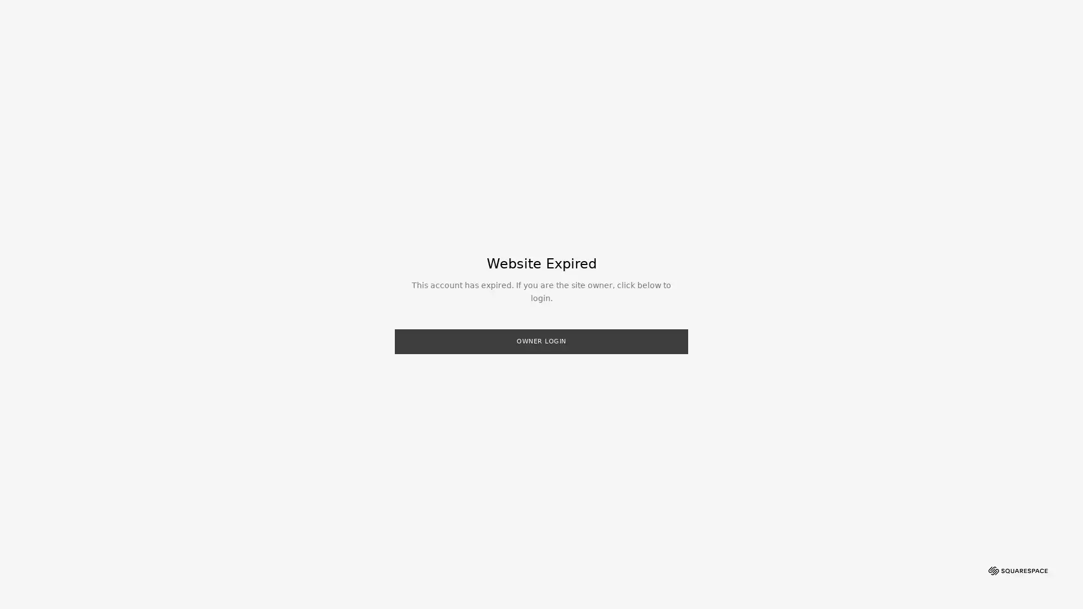 This screenshot has height=609, width=1083. I want to click on Owner Login, so click(541, 341).